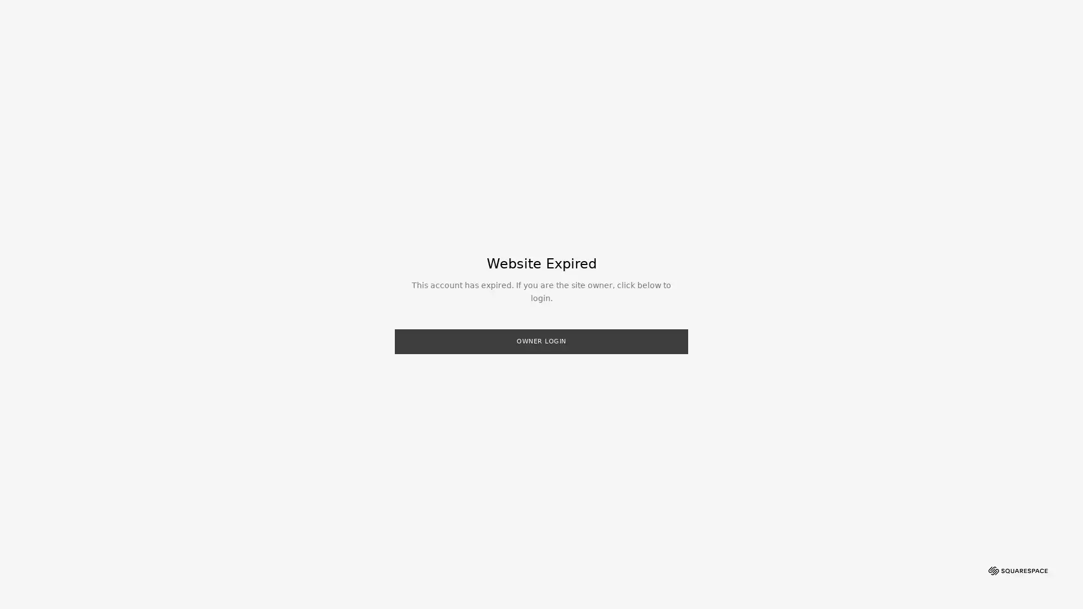 This screenshot has height=609, width=1083. I want to click on Owner Login, so click(541, 341).